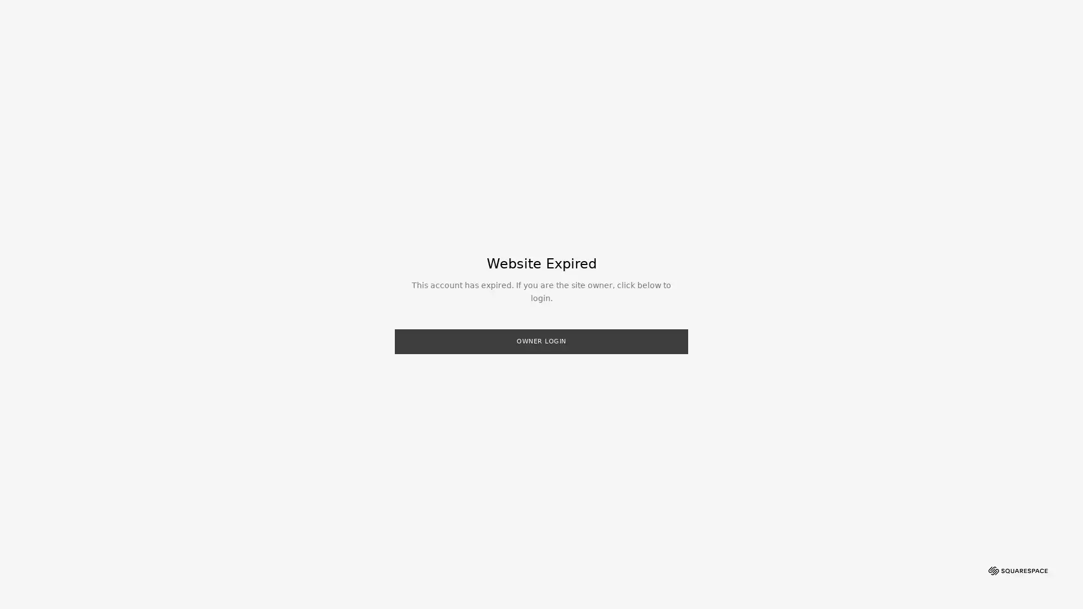 This screenshot has height=609, width=1083. I want to click on Owner Login, so click(541, 341).